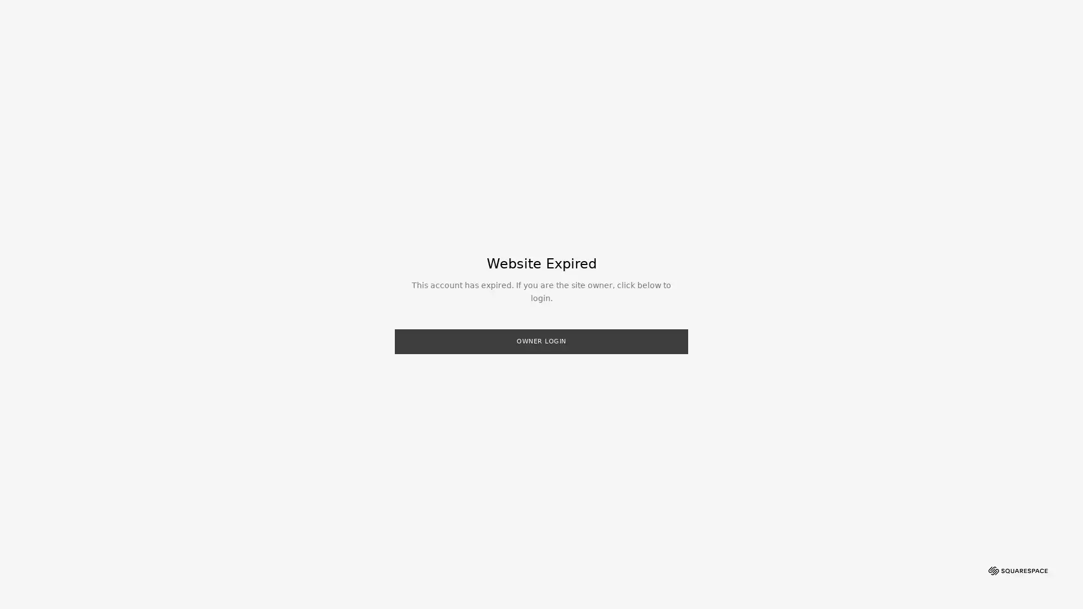 This screenshot has height=609, width=1083. I want to click on Owner Login, so click(541, 341).